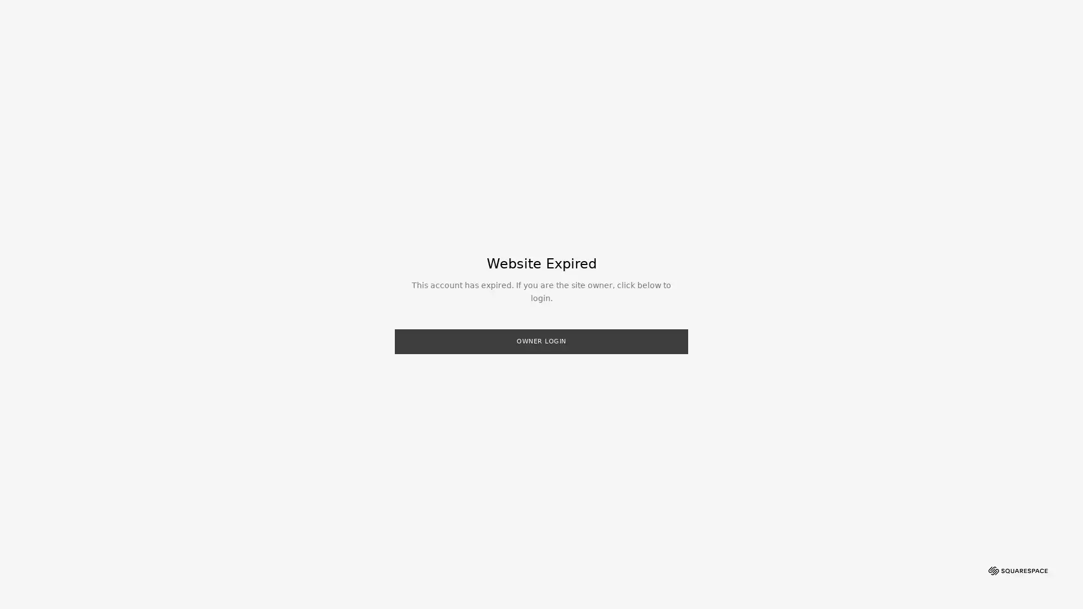 This screenshot has height=609, width=1083. I want to click on Owner Login, so click(541, 341).